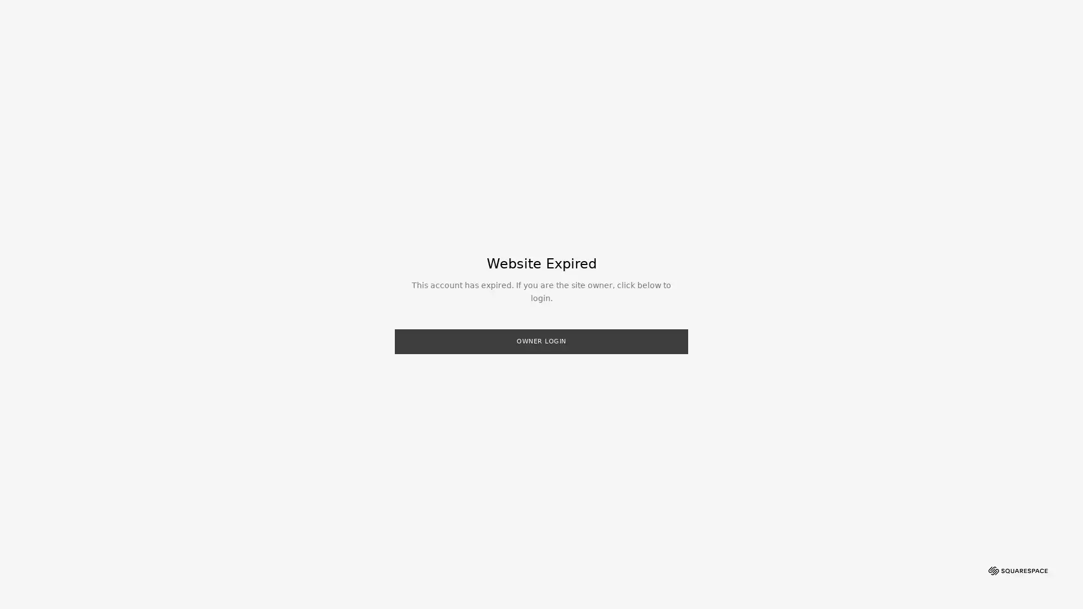 This screenshot has height=609, width=1083. I want to click on Owner Login, so click(541, 341).